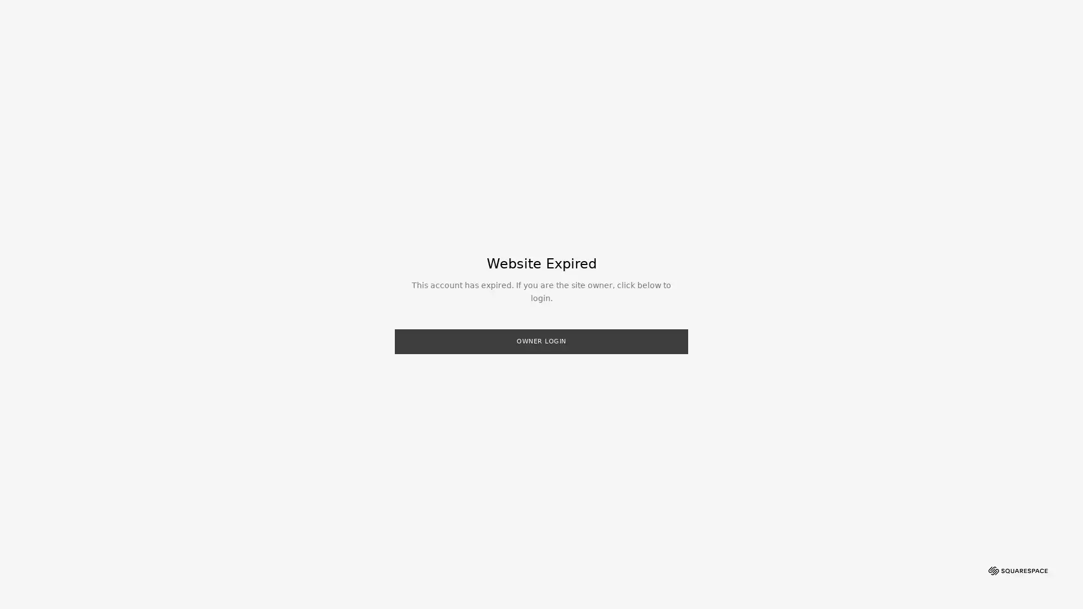 This screenshot has height=609, width=1083. I want to click on Owner Login, so click(541, 341).